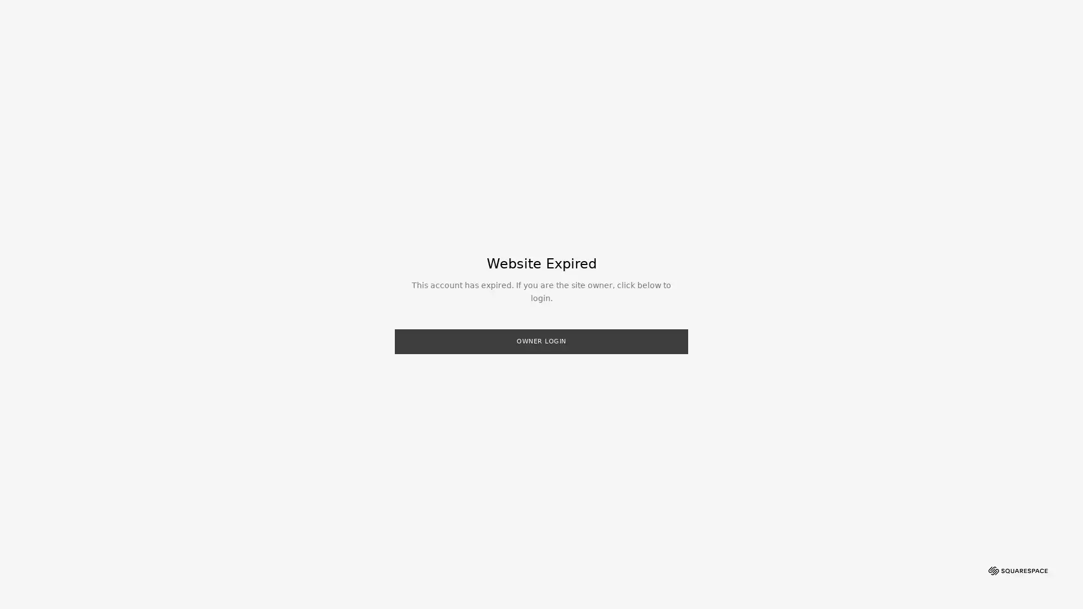 This screenshot has height=609, width=1083. I want to click on Owner Login, so click(541, 341).